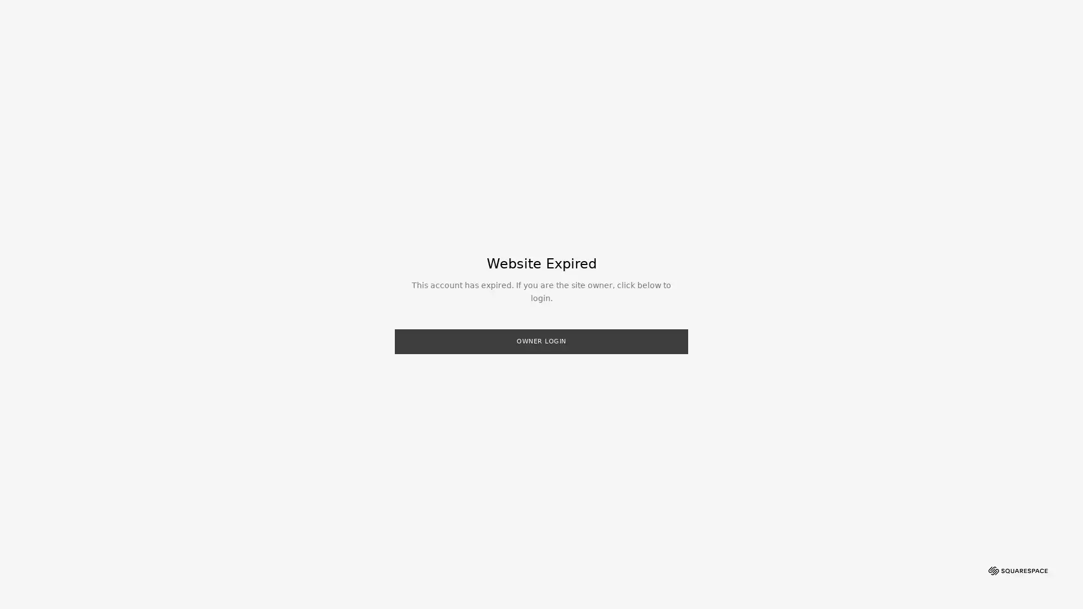 This screenshot has height=609, width=1083. I want to click on Owner Login, so click(541, 341).